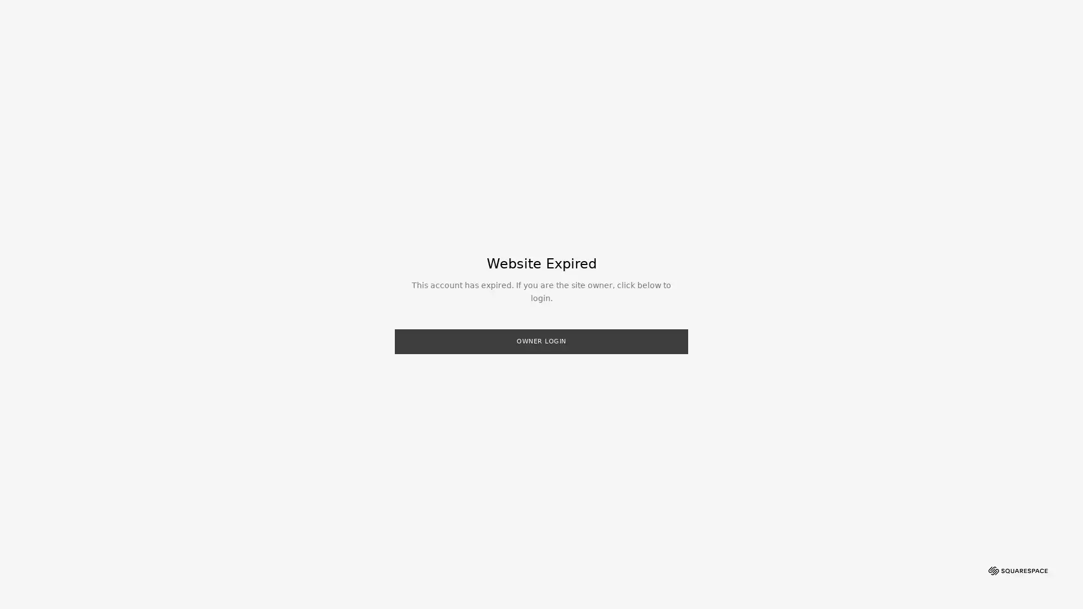 This screenshot has height=609, width=1083. I want to click on Owner Login, so click(541, 341).